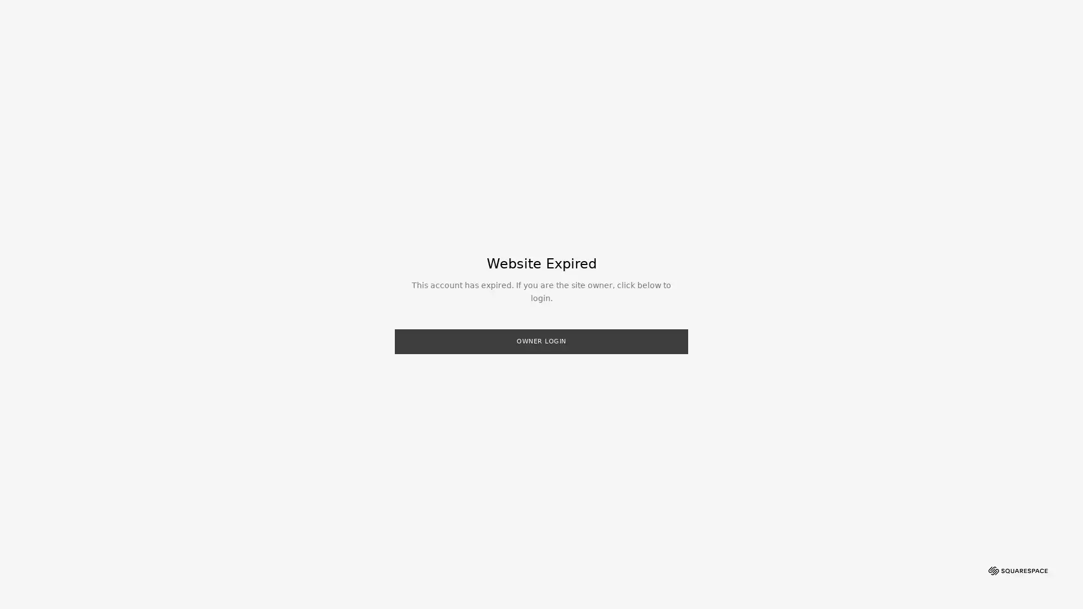 This screenshot has height=609, width=1083. I want to click on Owner Login, so click(541, 341).